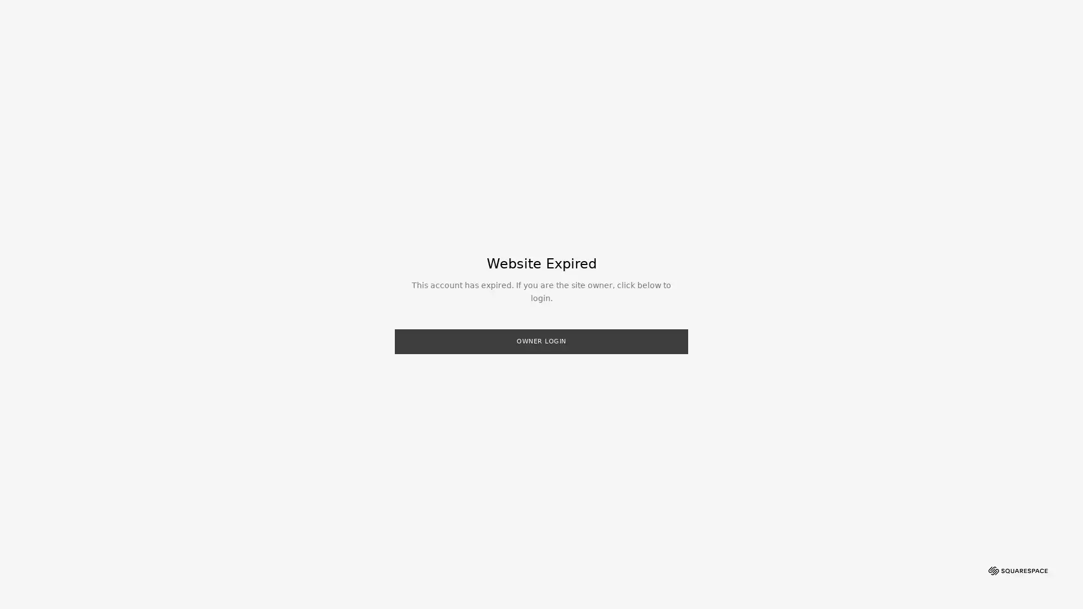 This screenshot has height=609, width=1083. I want to click on Owner Login, so click(541, 341).